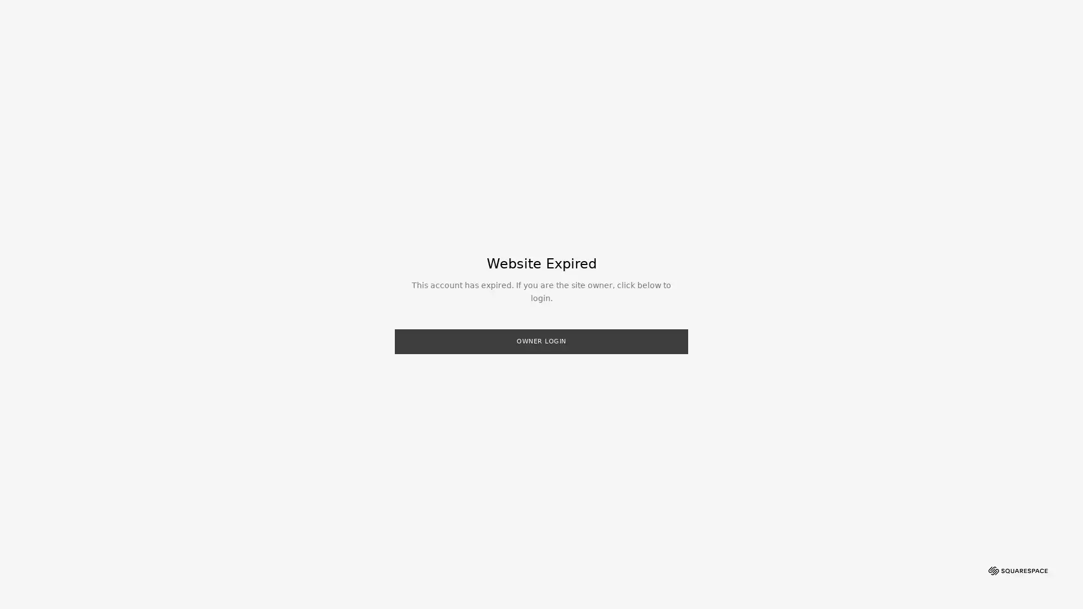 This screenshot has height=609, width=1083. I want to click on Owner Login, so click(541, 341).